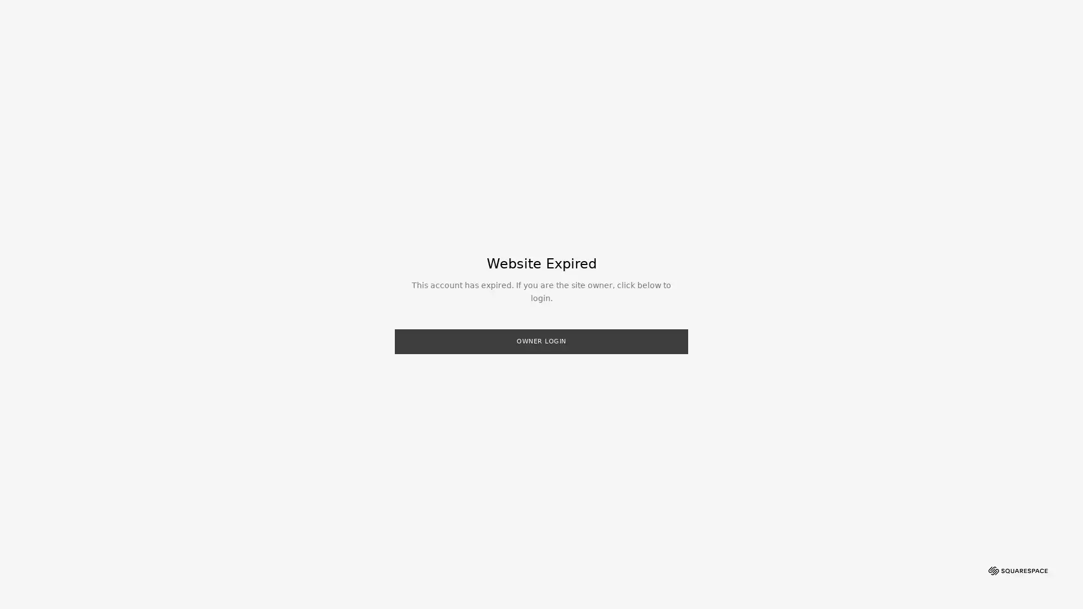 This screenshot has height=609, width=1083. I want to click on Owner Login, so click(541, 341).